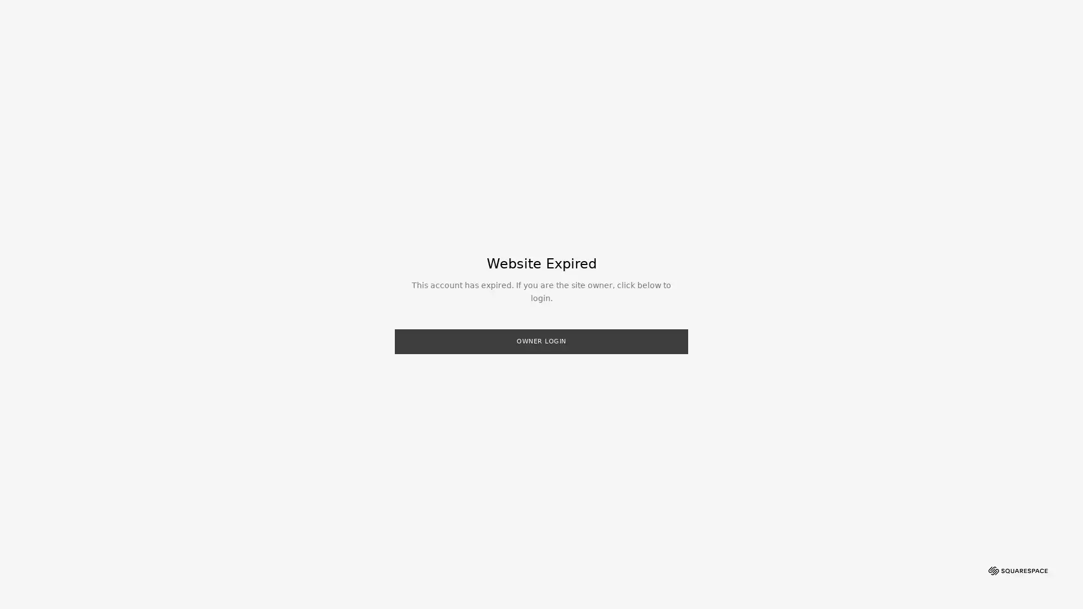 This screenshot has height=609, width=1083. I want to click on Owner Login, so click(541, 341).